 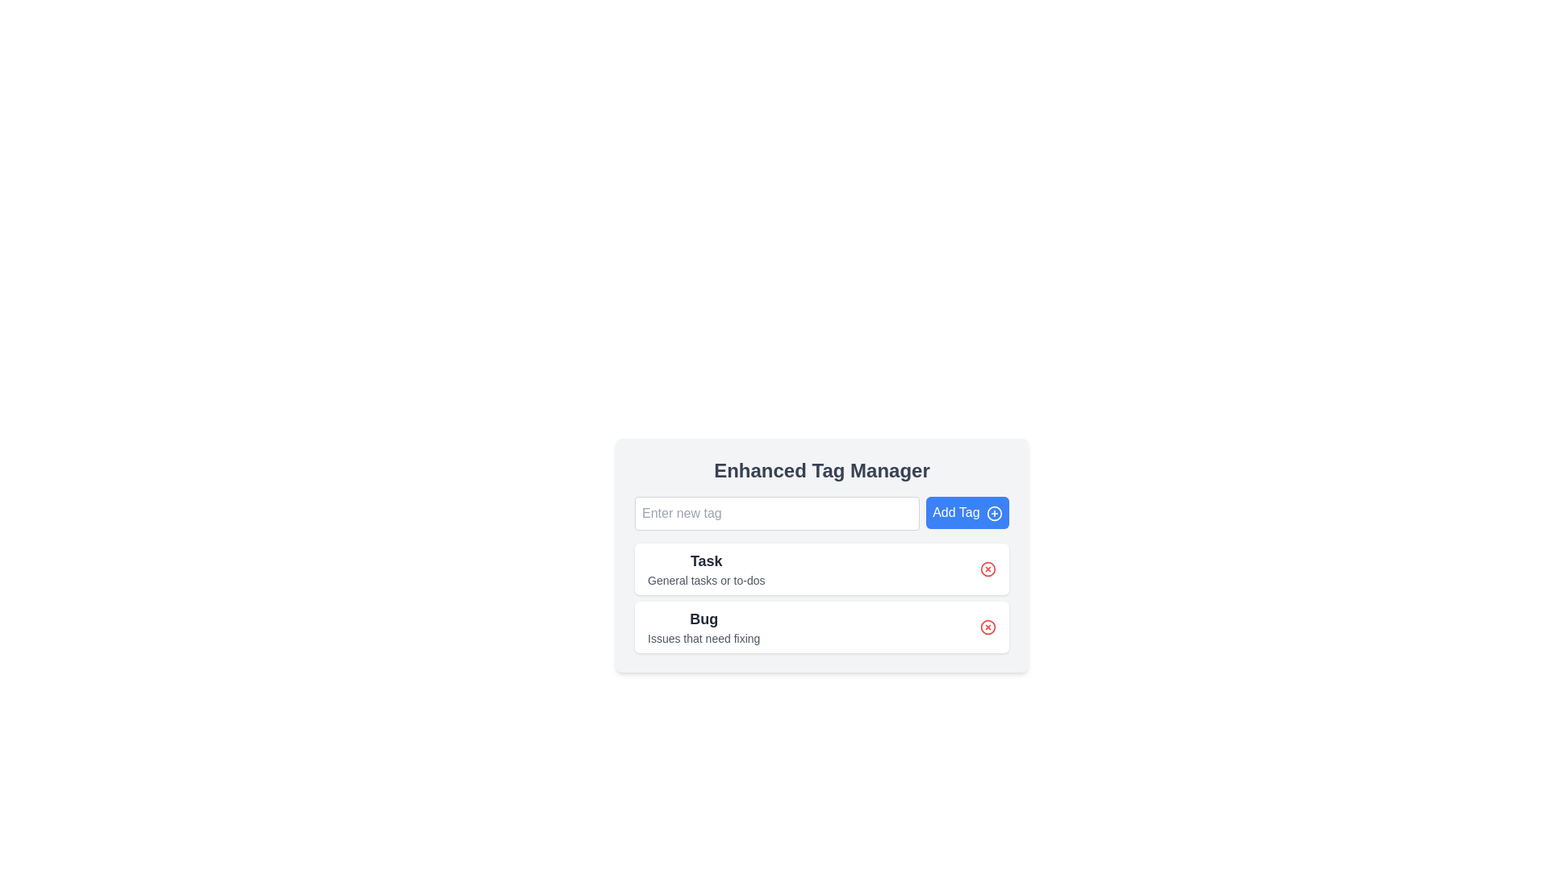 What do you see at coordinates (967, 513) in the screenshot?
I see `the button that enables users to add a new tag, located to the right of the 'Enter new tag' text input field in the Enhanced Tag Manager panel` at bounding box center [967, 513].